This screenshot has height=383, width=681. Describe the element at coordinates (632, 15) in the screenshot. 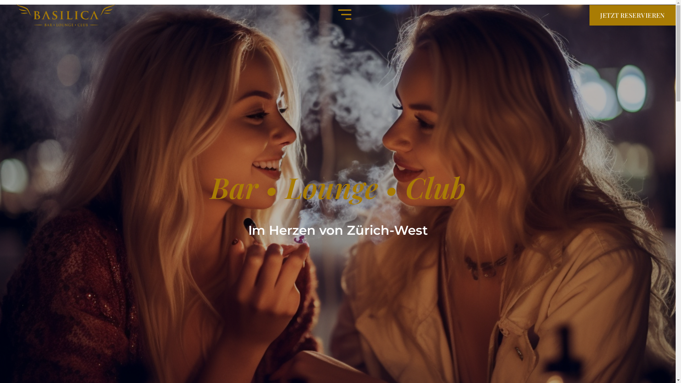

I see `'JETZT RESERVIEREN'` at that location.